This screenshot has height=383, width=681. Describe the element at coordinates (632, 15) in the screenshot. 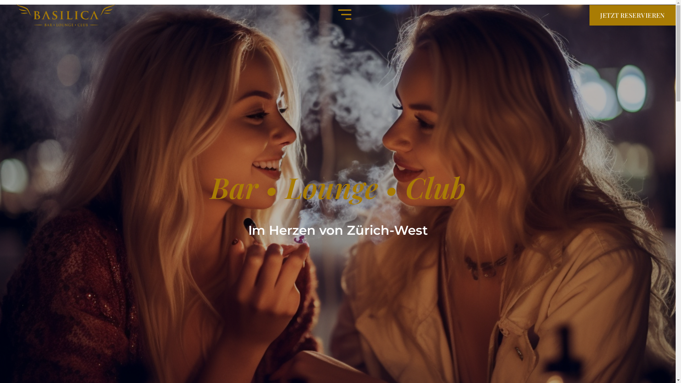

I see `'JETZT RESERVIEREN'` at that location.